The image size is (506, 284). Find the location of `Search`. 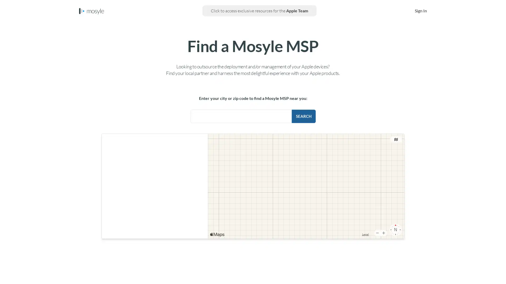

Search is located at coordinates (303, 116).